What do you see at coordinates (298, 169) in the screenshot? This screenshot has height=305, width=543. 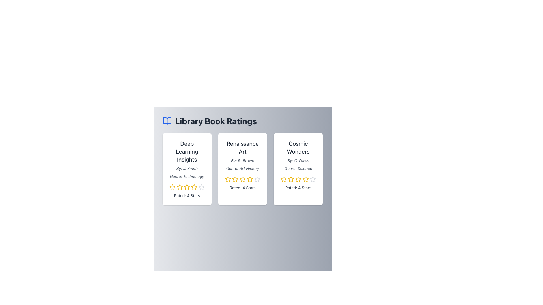 I see `the Informational Card that displays details of a book including its title, author, genre, and rating, located in the rightmost column of the three-column layout beneath the header 'Library Book Ratings'` at bounding box center [298, 169].